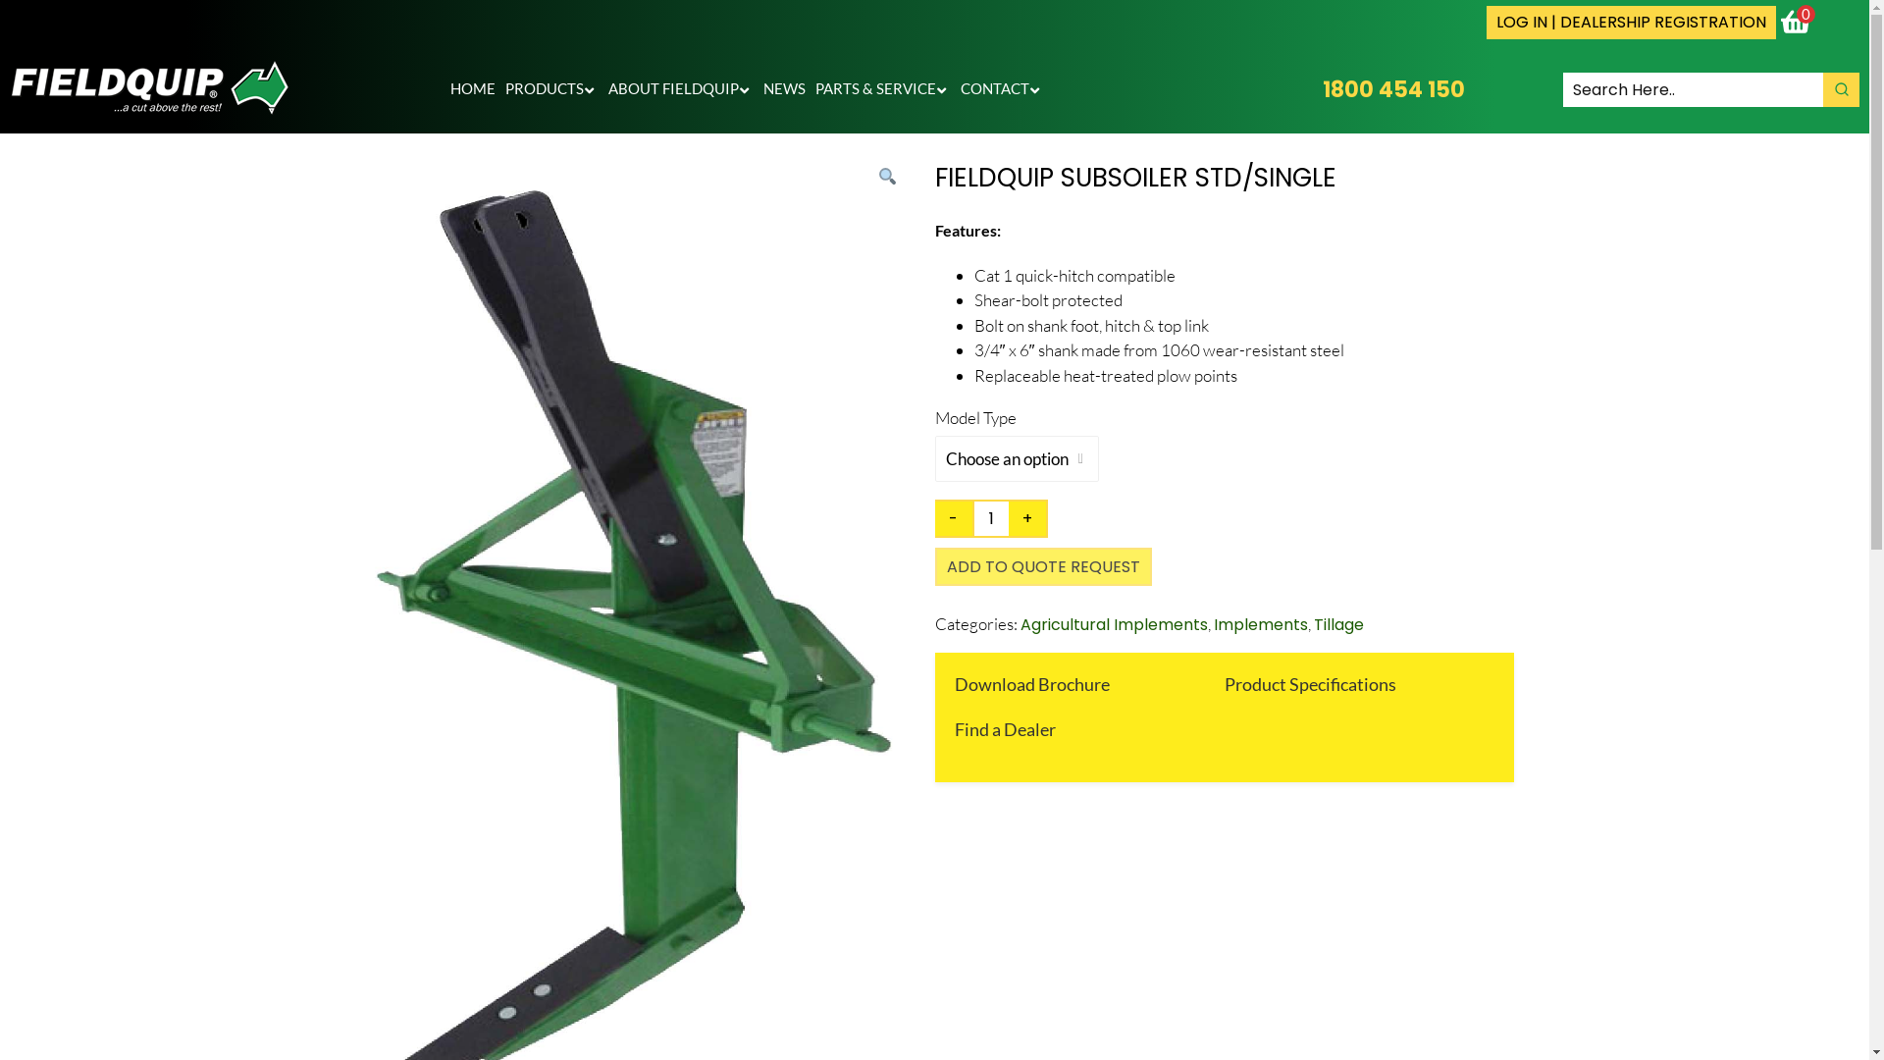 This screenshot has width=1884, height=1060. Describe the element at coordinates (550, 89) in the screenshot. I see `'PRODUCTS'` at that location.